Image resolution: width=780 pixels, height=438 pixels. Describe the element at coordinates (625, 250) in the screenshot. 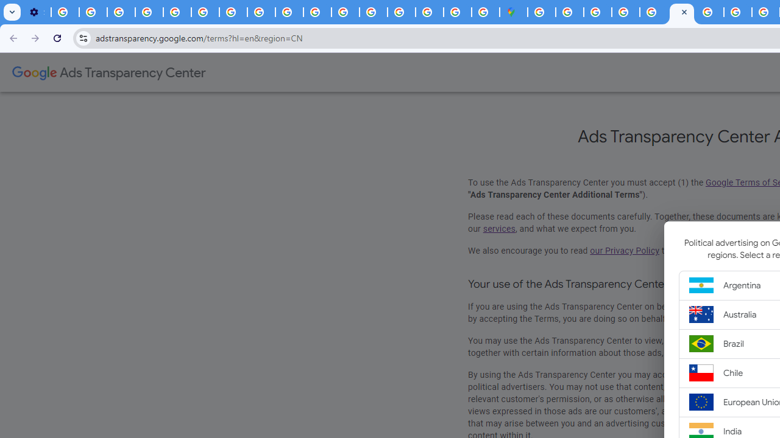

I see `'our Privacy Policy'` at that location.